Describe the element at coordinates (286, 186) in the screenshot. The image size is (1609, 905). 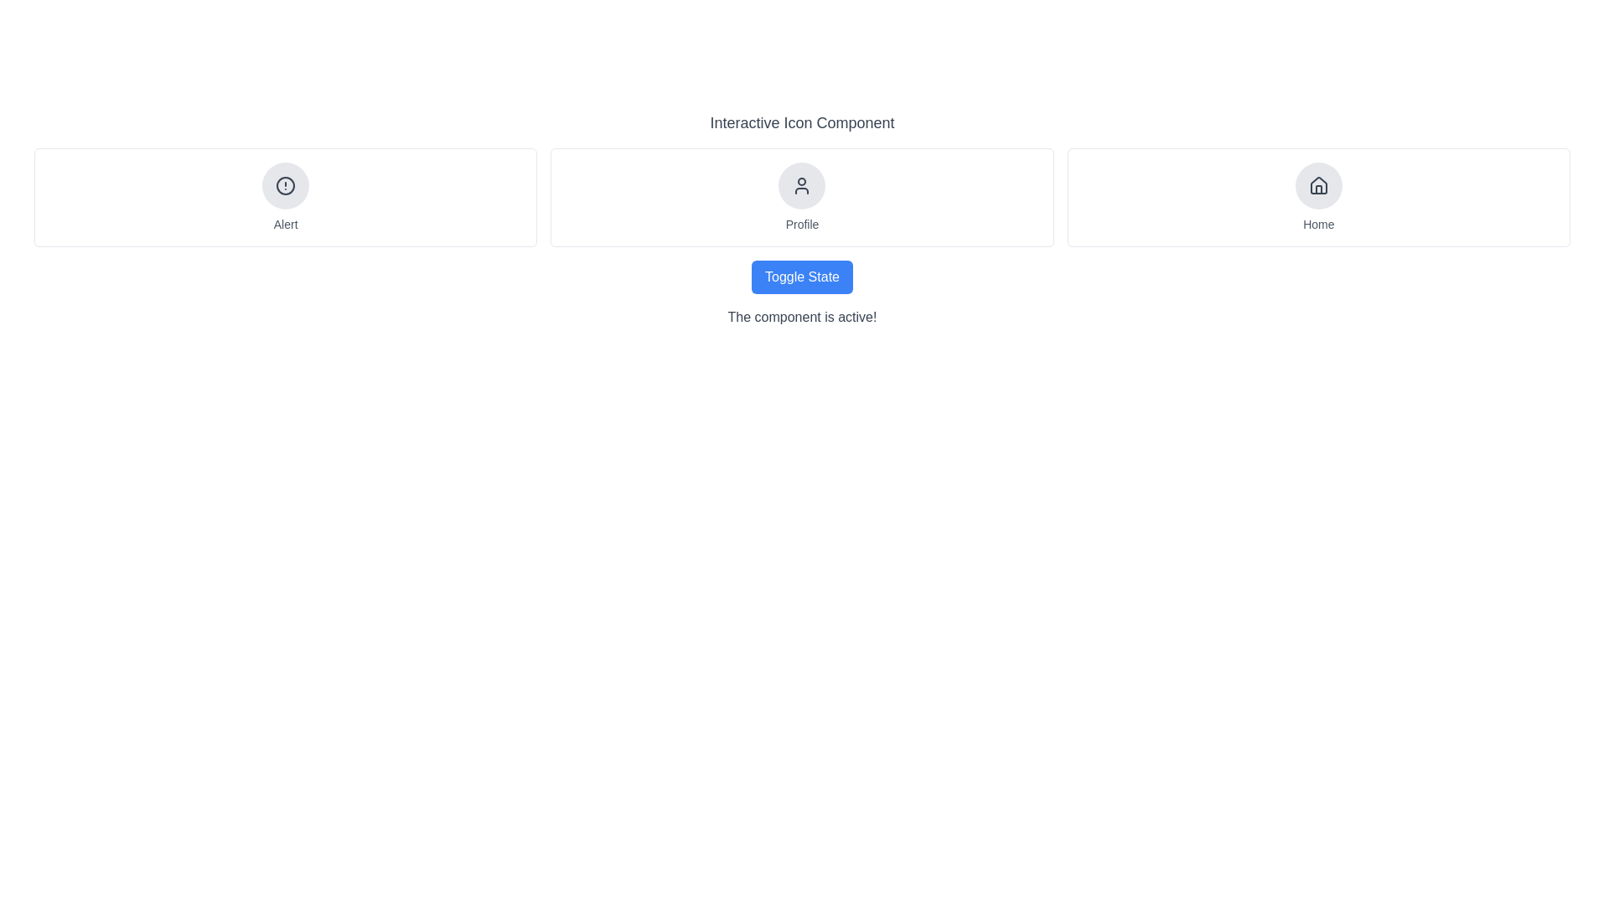
I see `the 'Alert' button containing the alert icon, which is styled in a circular design with a gray outline and an alert symbol` at that location.